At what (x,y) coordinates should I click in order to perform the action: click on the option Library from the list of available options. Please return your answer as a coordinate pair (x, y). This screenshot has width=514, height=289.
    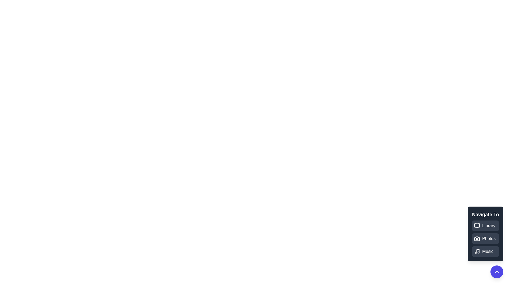
    Looking at the image, I should click on (485, 226).